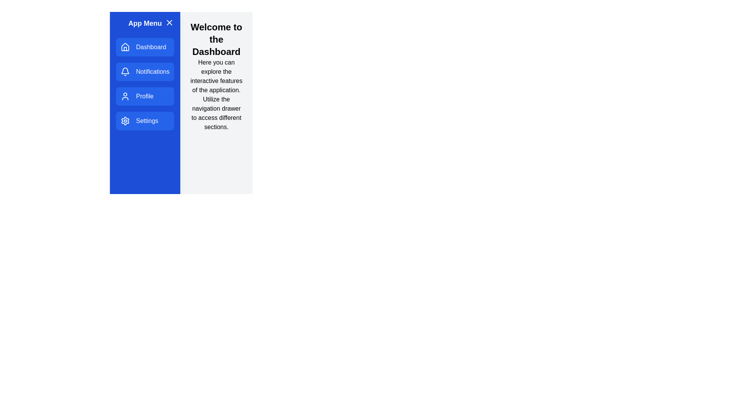 The width and height of the screenshot is (738, 415). What do you see at coordinates (151, 47) in the screenshot?
I see `the 'Dashboard' text label in the navigation menu for visual feedback` at bounding box center [151, 47].